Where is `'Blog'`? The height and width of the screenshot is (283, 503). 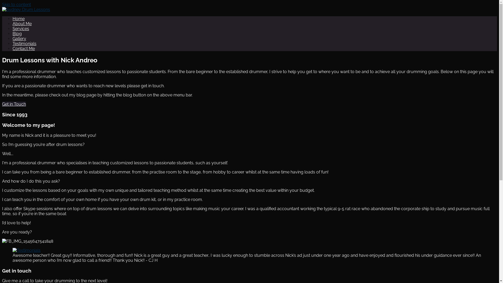
'Blog' is located at coordinates (17, 34).